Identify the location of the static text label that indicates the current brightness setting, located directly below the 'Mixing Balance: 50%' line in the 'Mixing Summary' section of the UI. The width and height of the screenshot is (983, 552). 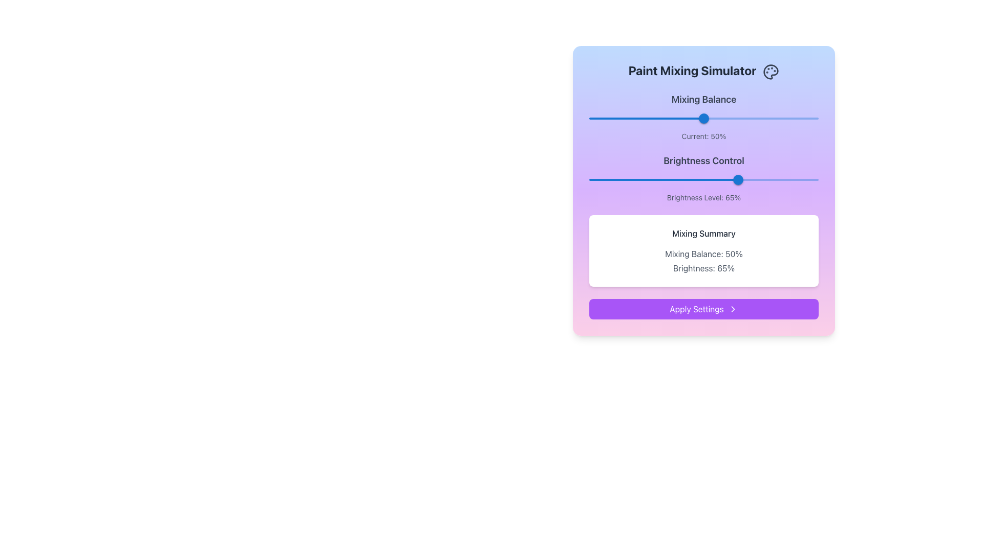
(703, 267).